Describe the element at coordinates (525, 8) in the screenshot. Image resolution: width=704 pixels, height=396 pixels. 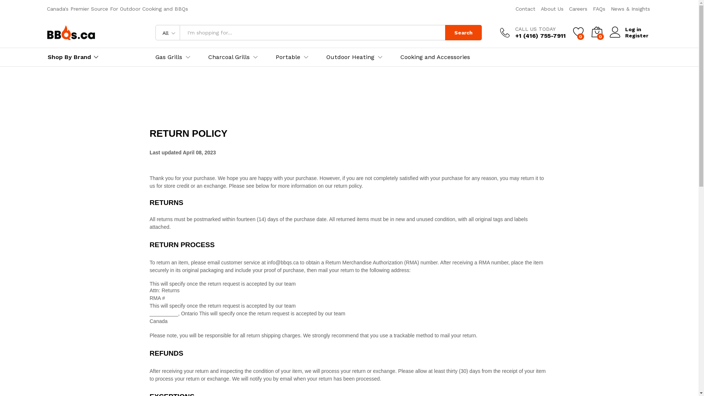
I see `'Contact'` at that location.